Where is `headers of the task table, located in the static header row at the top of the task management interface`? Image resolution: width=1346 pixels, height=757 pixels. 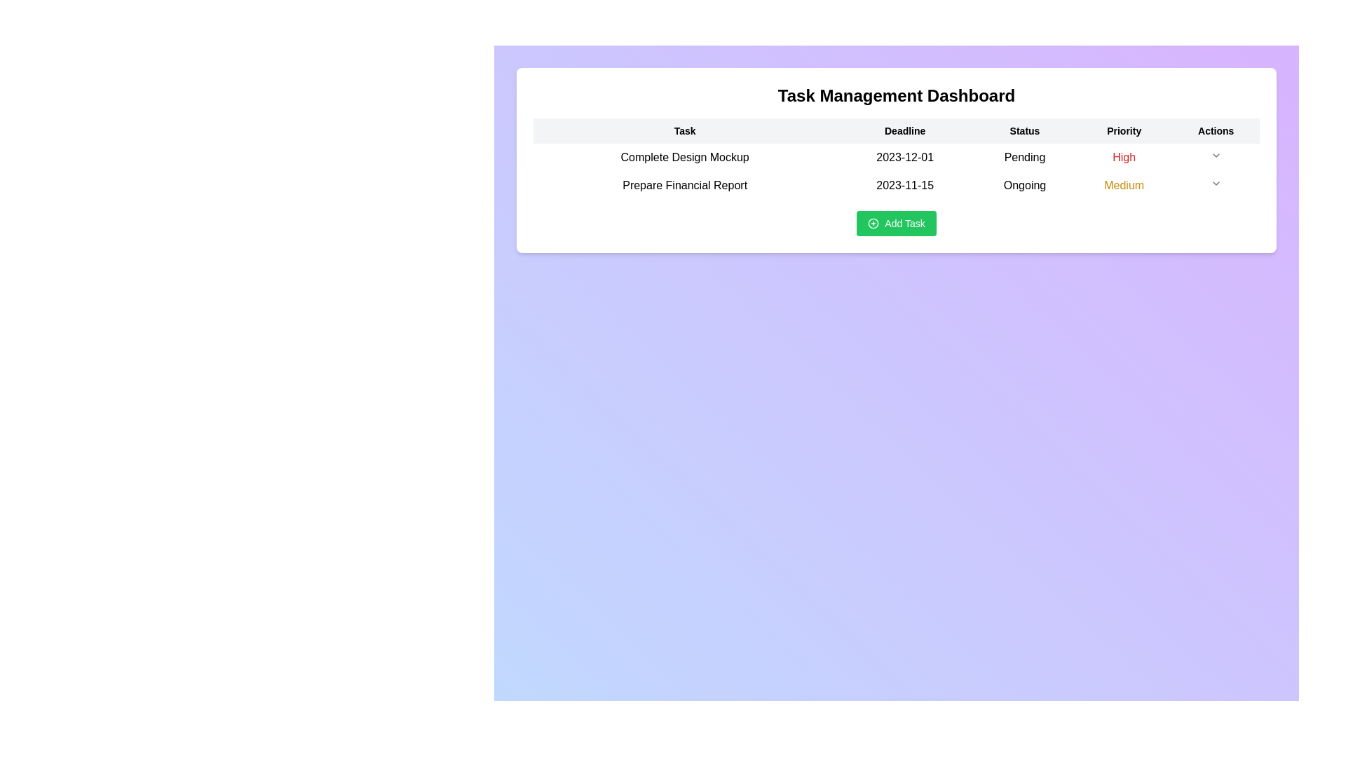
headers of the task table, located in the static header row at the top of the task management interface is located at coordinates (895, 130).